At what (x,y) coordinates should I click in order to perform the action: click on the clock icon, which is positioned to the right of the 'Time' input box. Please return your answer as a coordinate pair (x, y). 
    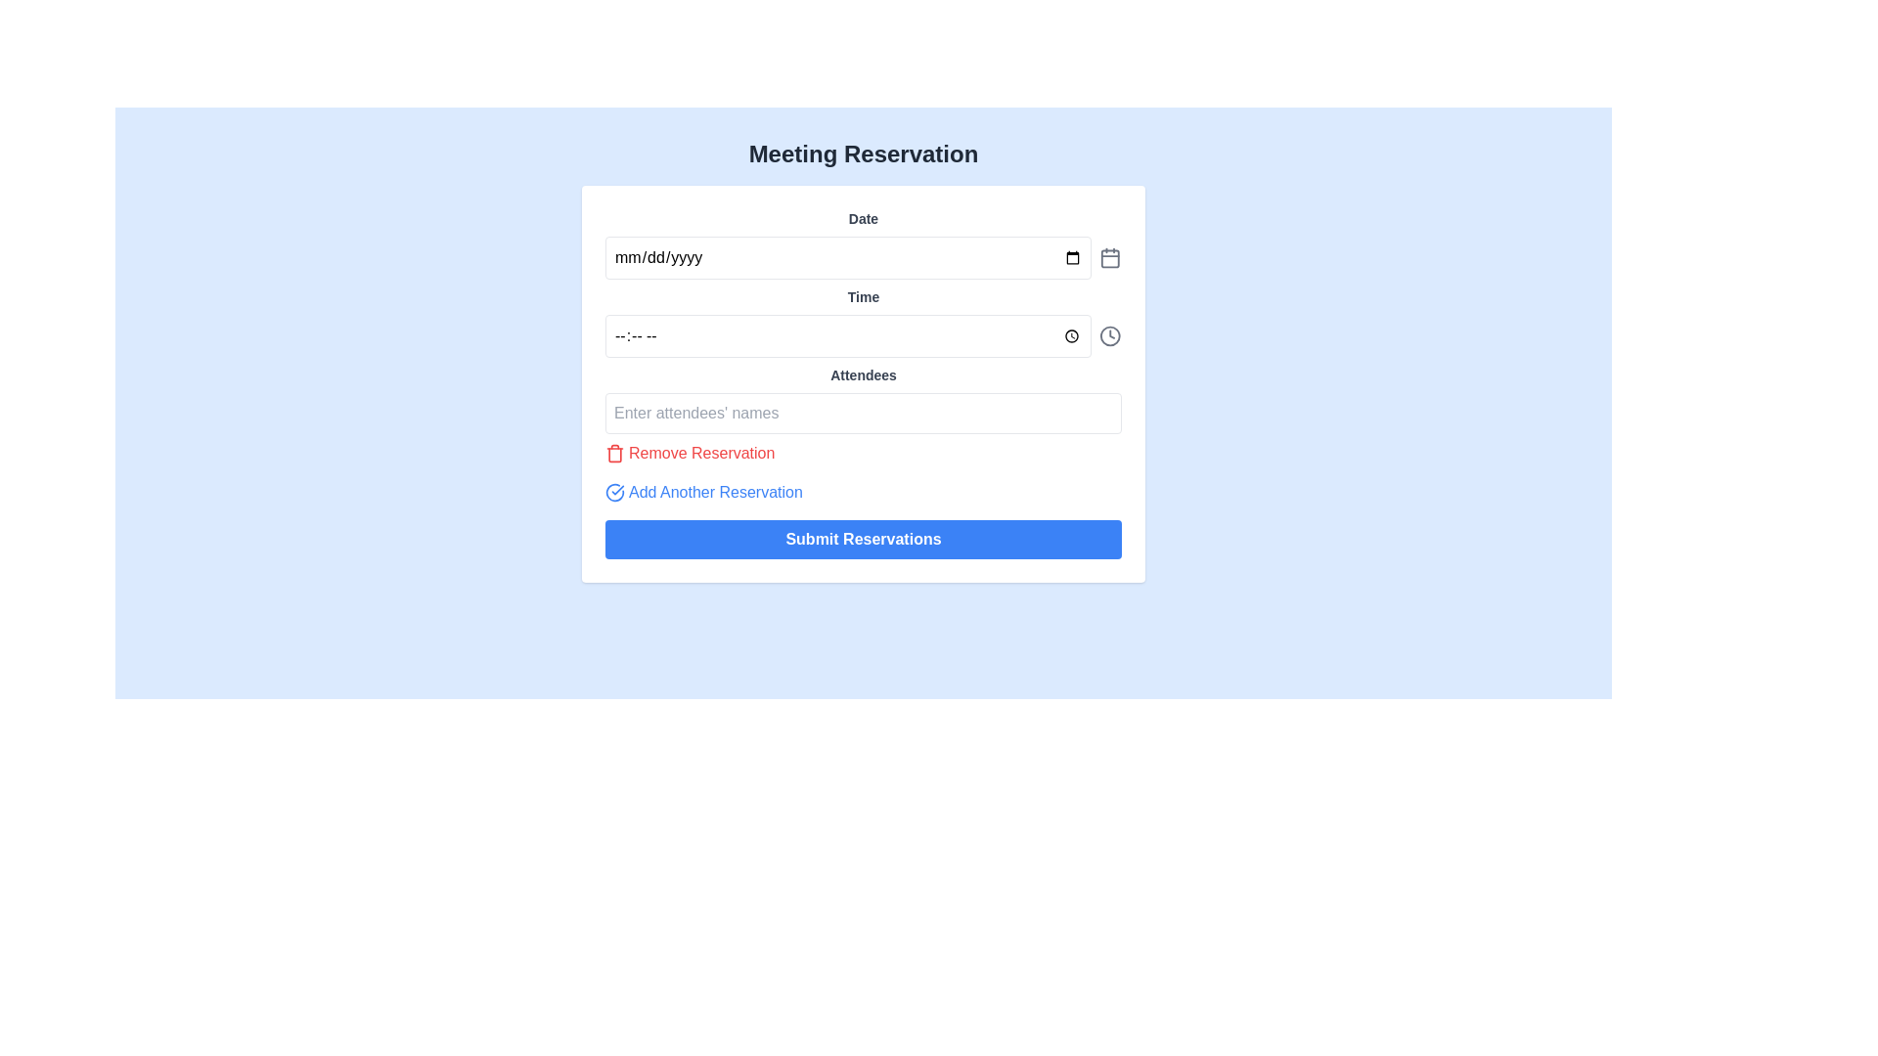
    Looking at the image, I should click on (1110, 334).